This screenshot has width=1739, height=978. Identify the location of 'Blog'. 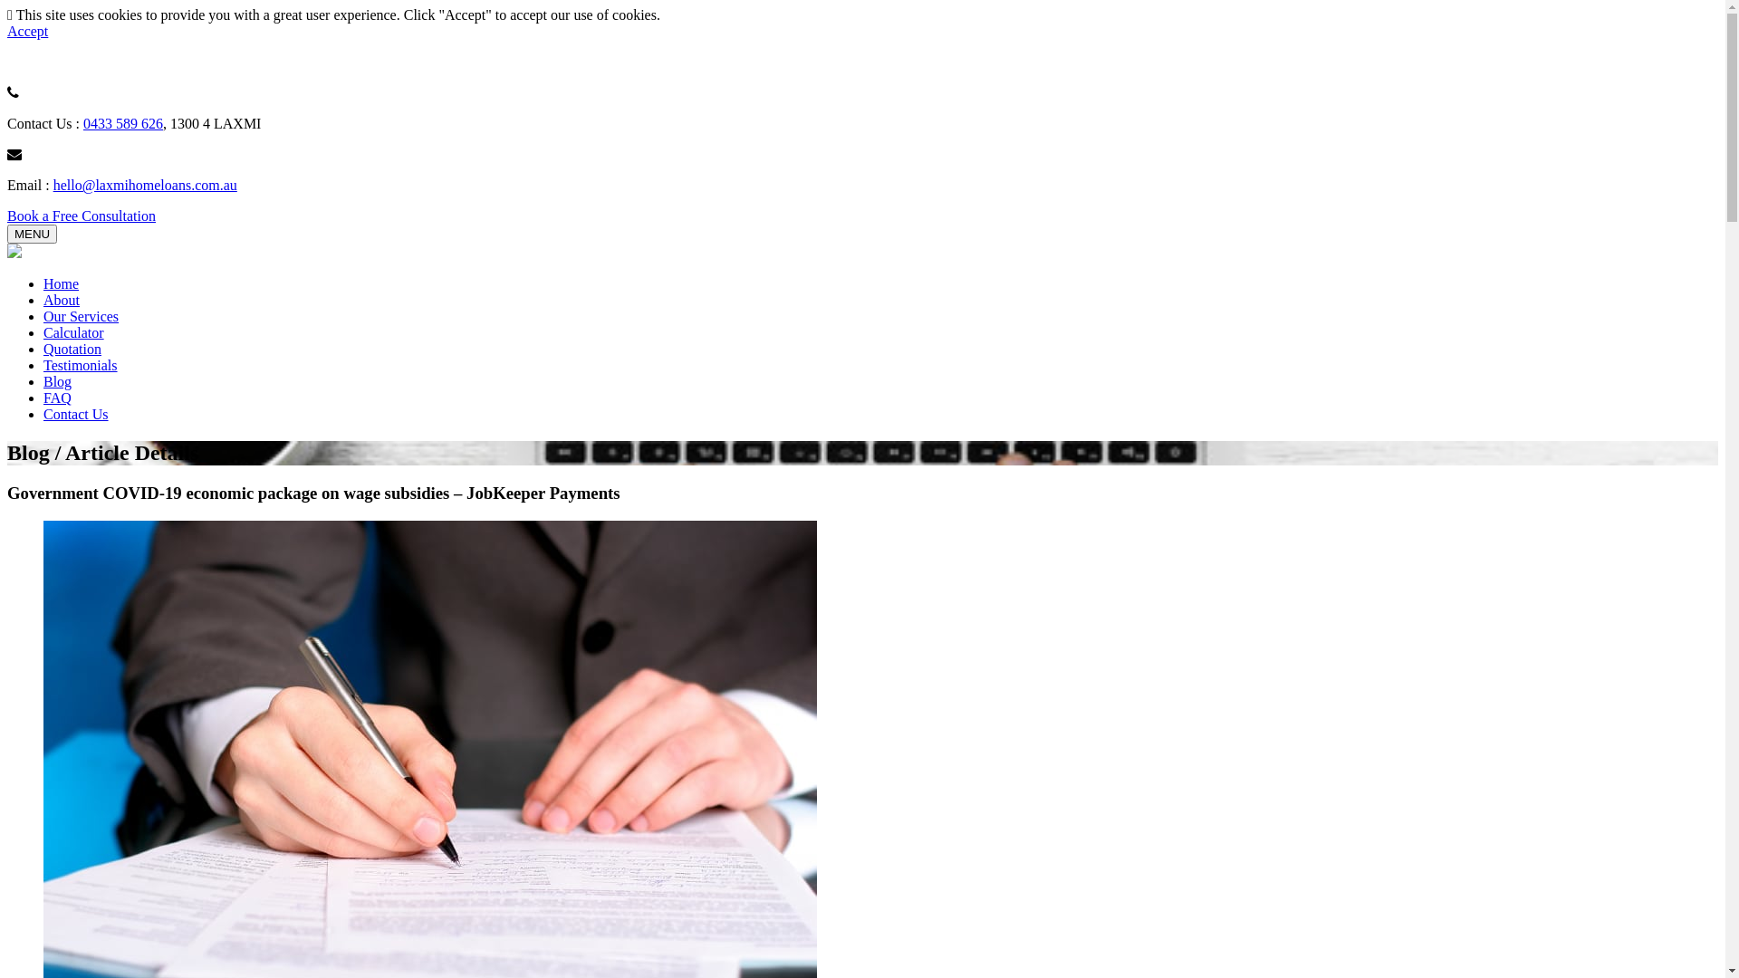
(57, 380).